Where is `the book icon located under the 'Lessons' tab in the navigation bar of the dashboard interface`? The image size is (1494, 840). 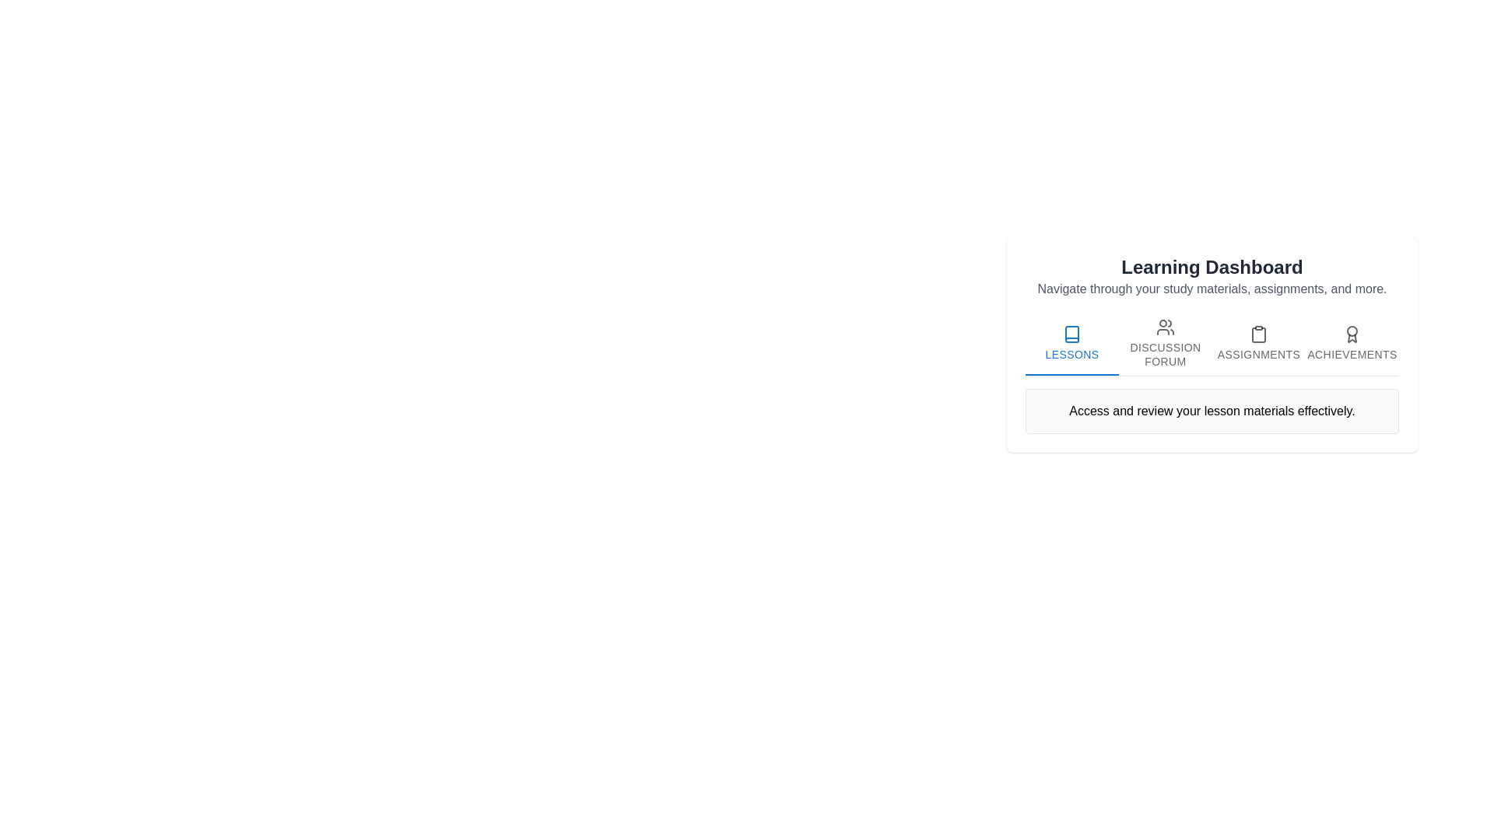 the book icon located under the 'Lessons' tab in the navigation bar of the dashboard interface is located at coordinates (1071, 332).